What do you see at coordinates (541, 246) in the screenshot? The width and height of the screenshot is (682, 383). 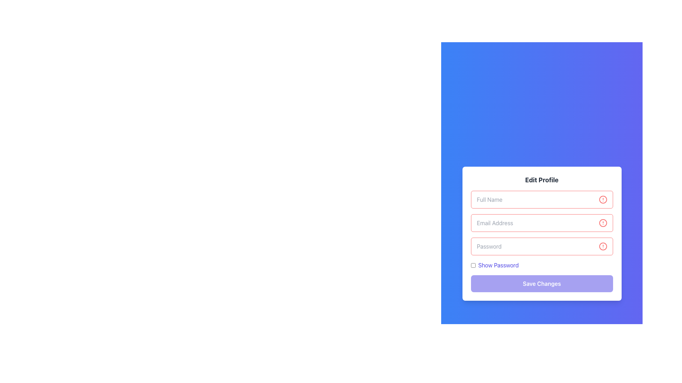 I see `the password input field located below the 'Email Address' field and above the 'Show Password' checkbox to potentially display a tooltip` at bounding box center [541, 246].